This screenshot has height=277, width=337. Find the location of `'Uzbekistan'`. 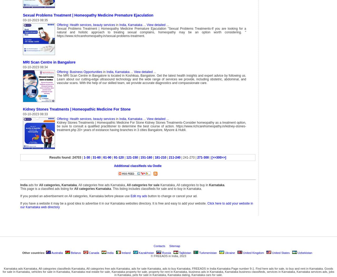

'Uzbekistan' is located at coordinates (304, 252).